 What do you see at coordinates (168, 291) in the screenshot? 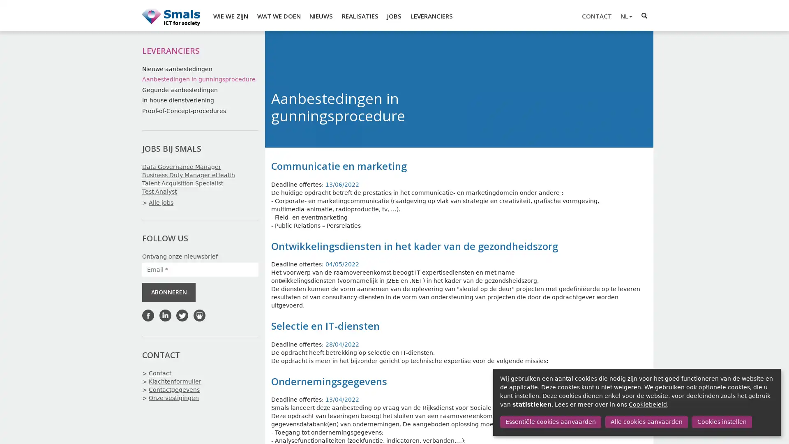
I see `ABONNEREN` at bounding box center [168, 291].